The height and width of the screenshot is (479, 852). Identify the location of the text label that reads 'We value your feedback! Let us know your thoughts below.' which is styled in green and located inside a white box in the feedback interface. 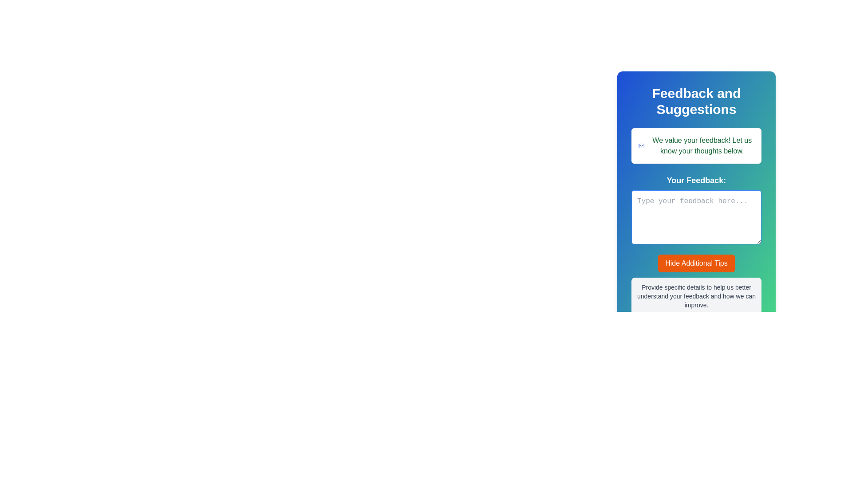
(702, 145).